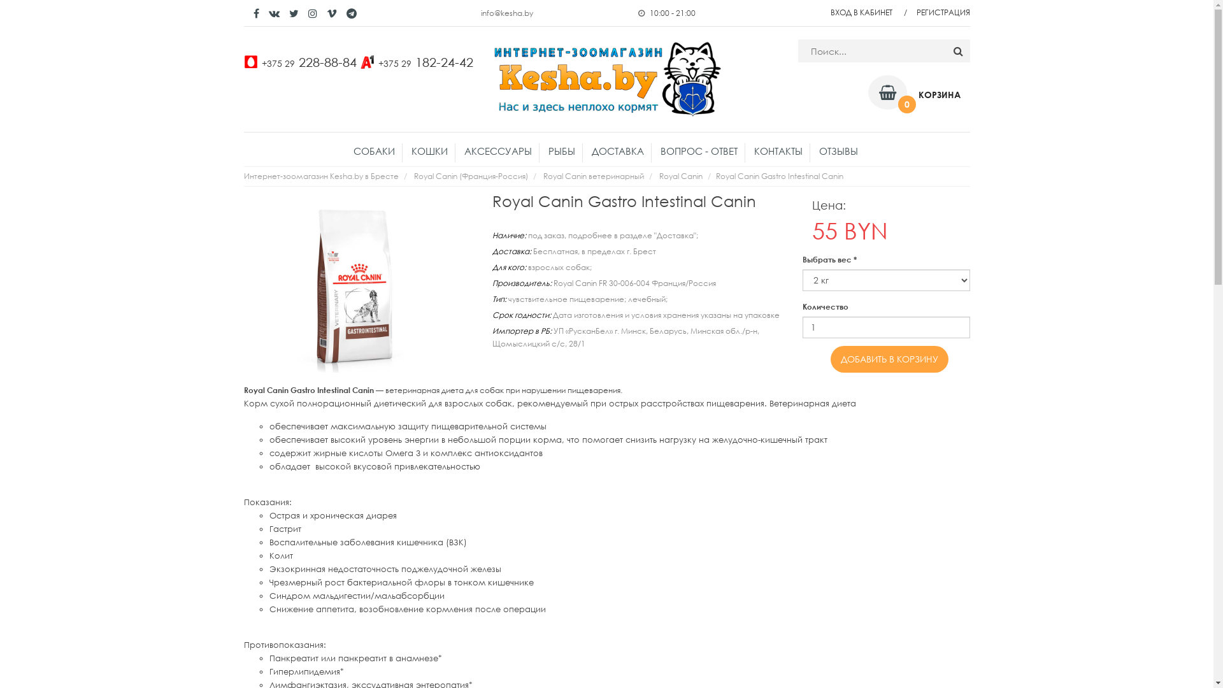 This screenshot has height=688, width=1223. I want to click on '+375 29 228-88-84', so click(308, 61).